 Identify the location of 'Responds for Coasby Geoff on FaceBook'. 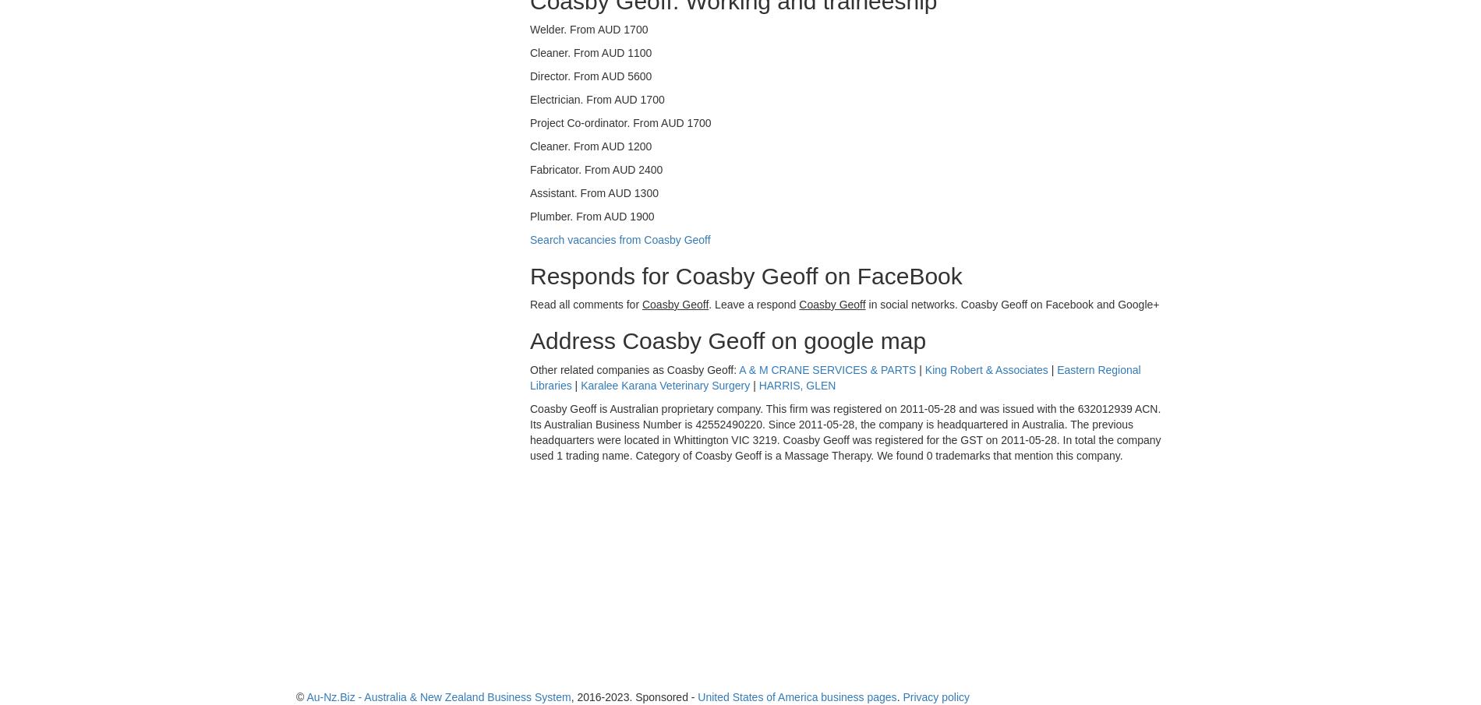
(746, 275).